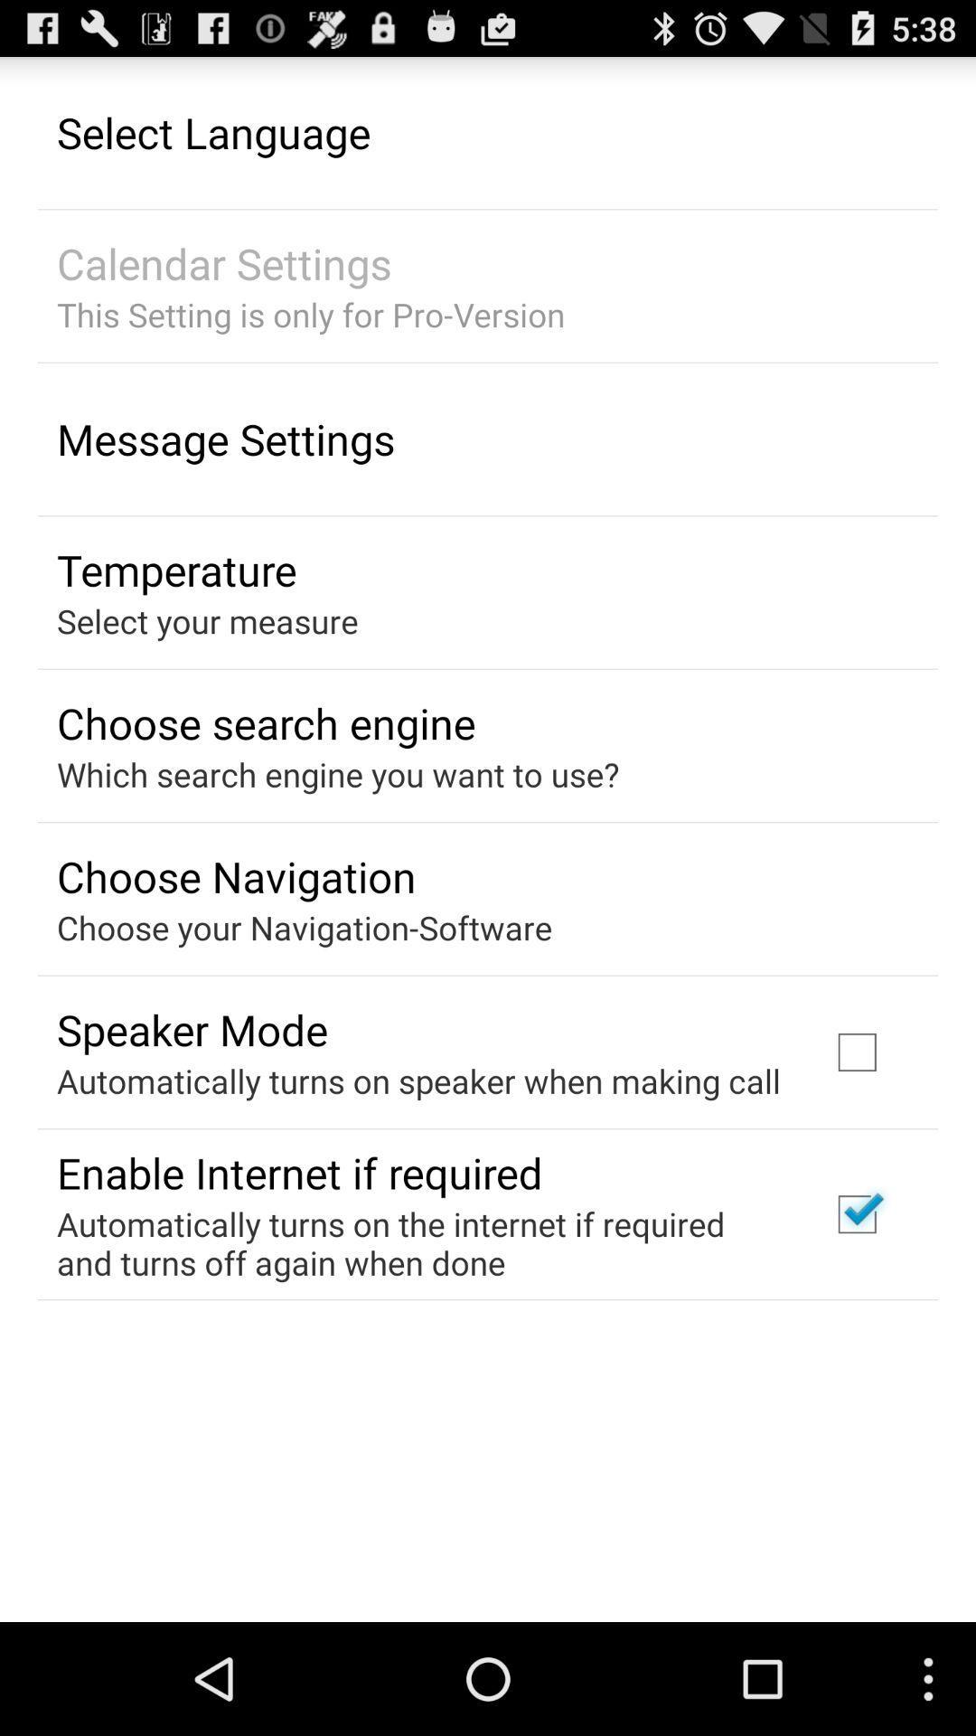 The height and width of the screenshot is (1736, 976). Describe the element at coordinates (192, 1029) in the screenshot. I see `the speaker mode app` at that location.